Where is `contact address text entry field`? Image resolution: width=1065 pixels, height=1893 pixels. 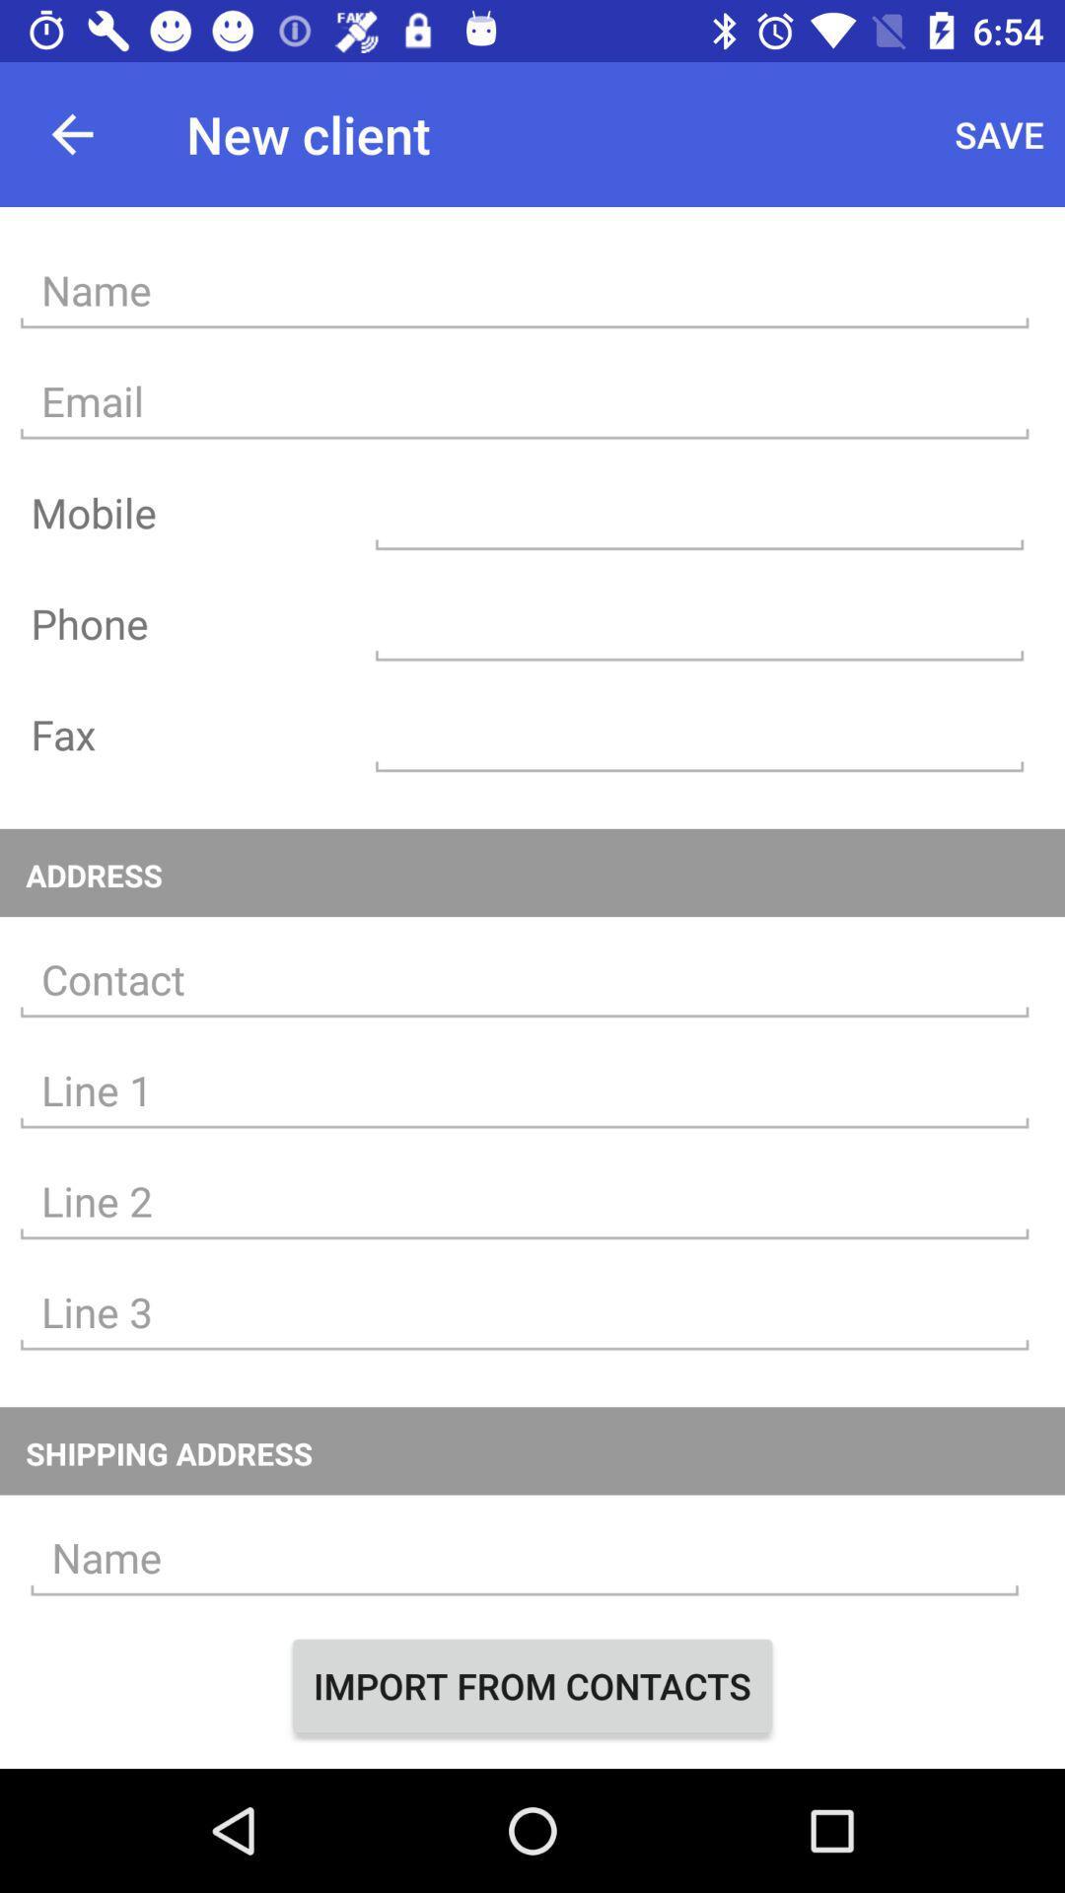
contact address text entry field is located at coordinates (524, 980).